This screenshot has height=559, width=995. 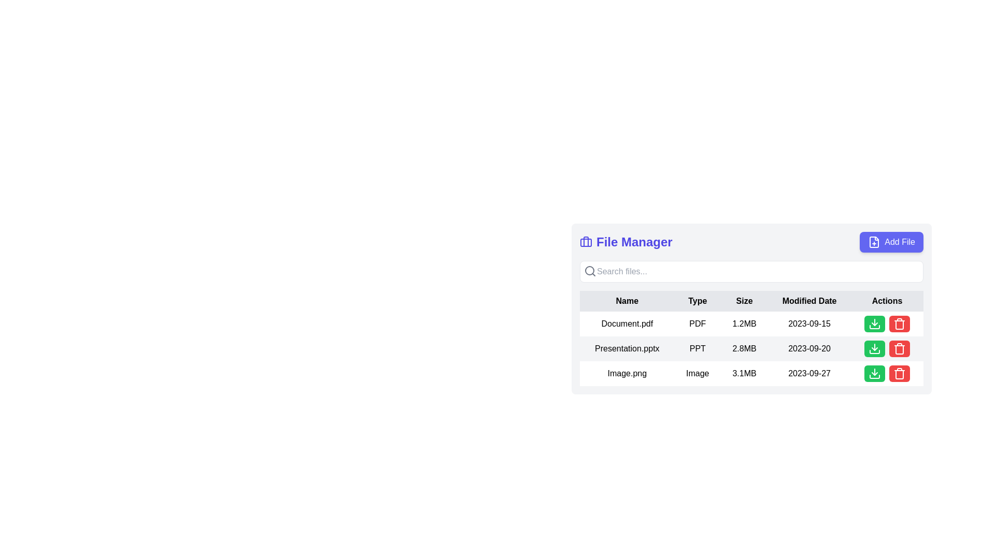 I want to click on the green download button located in the 'Actions' column of the second row, adjacent to the file named 'Presentation.pptx', to initiate the download action, so click(x=874, y=349).